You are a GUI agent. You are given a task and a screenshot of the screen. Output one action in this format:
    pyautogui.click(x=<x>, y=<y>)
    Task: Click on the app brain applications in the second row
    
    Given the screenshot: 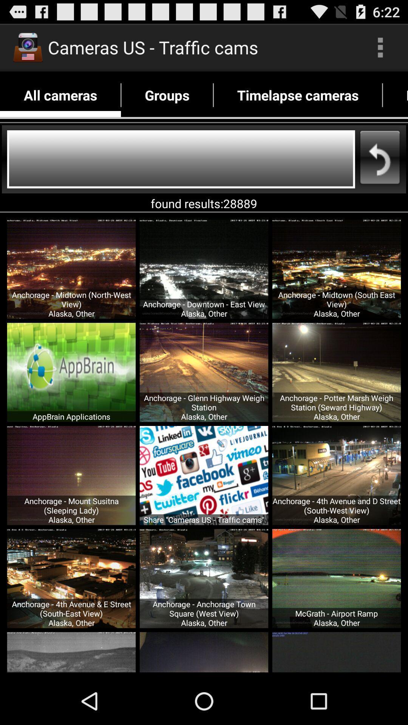 What is the action you would take?
    pyautogui.click(x=71, y=372)
    